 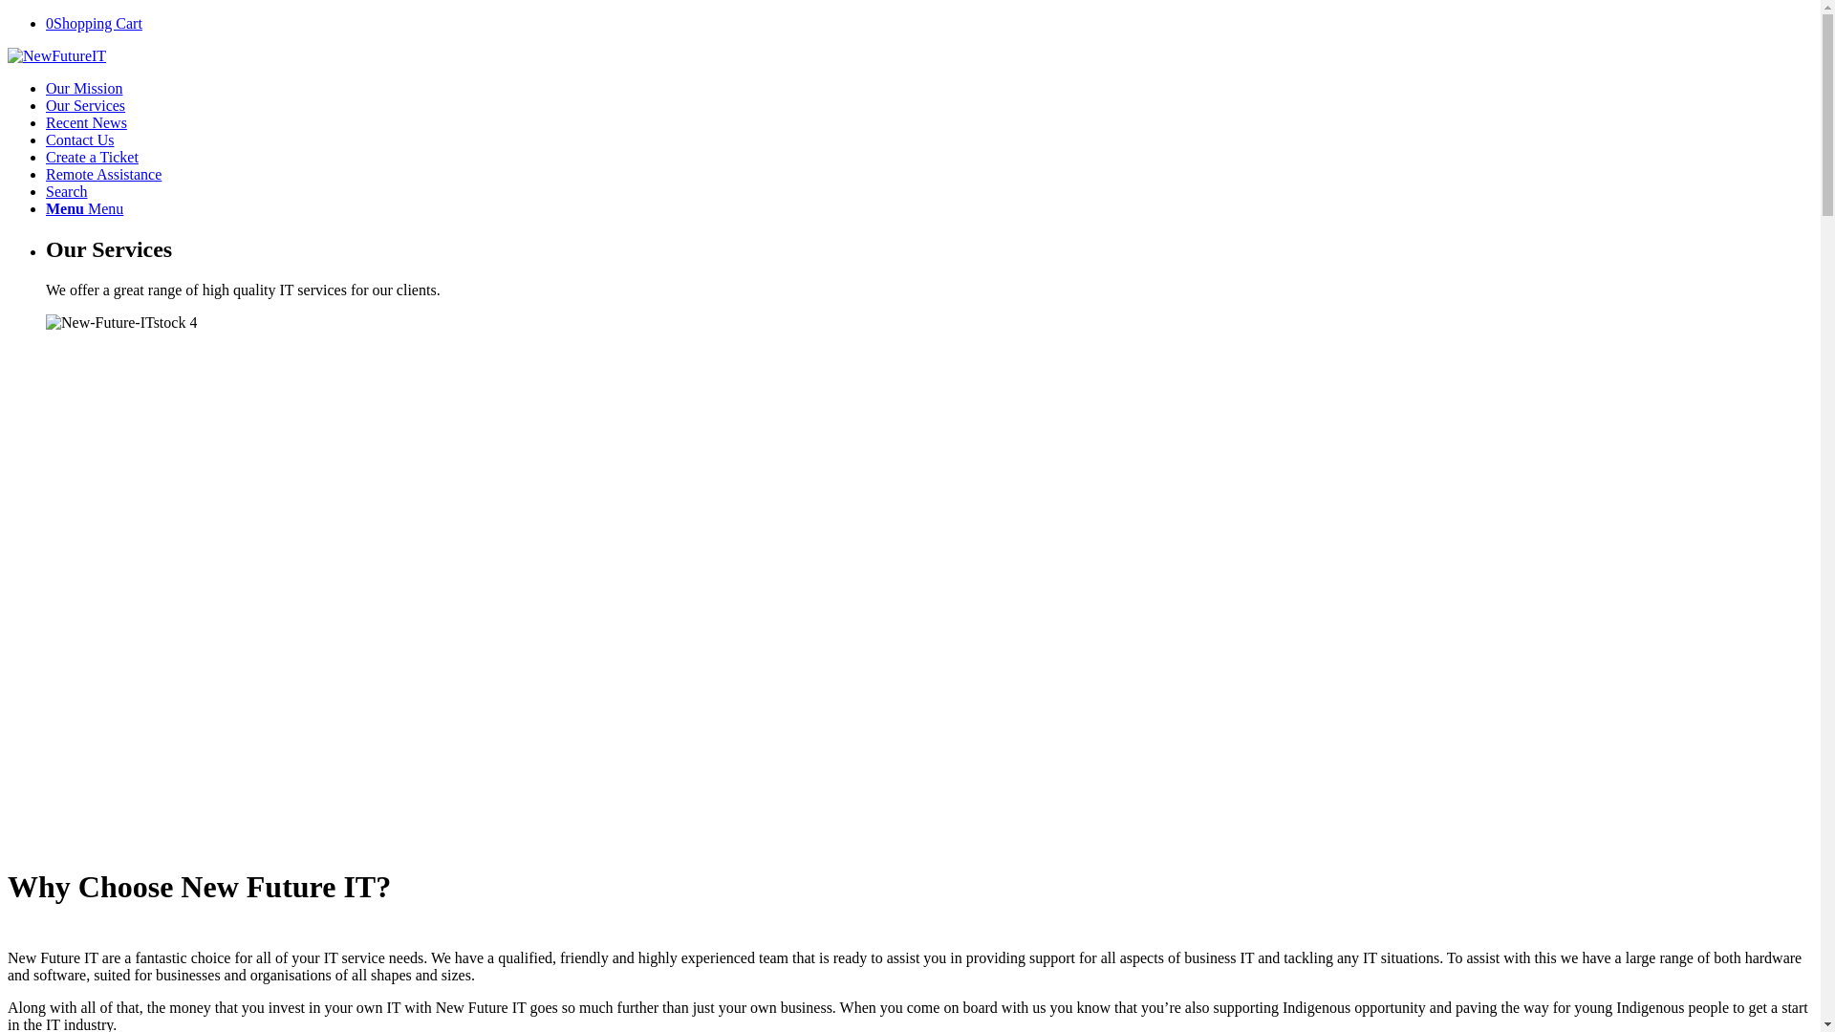 I want to click on 'Our Mission', so click(x=82, y=88).